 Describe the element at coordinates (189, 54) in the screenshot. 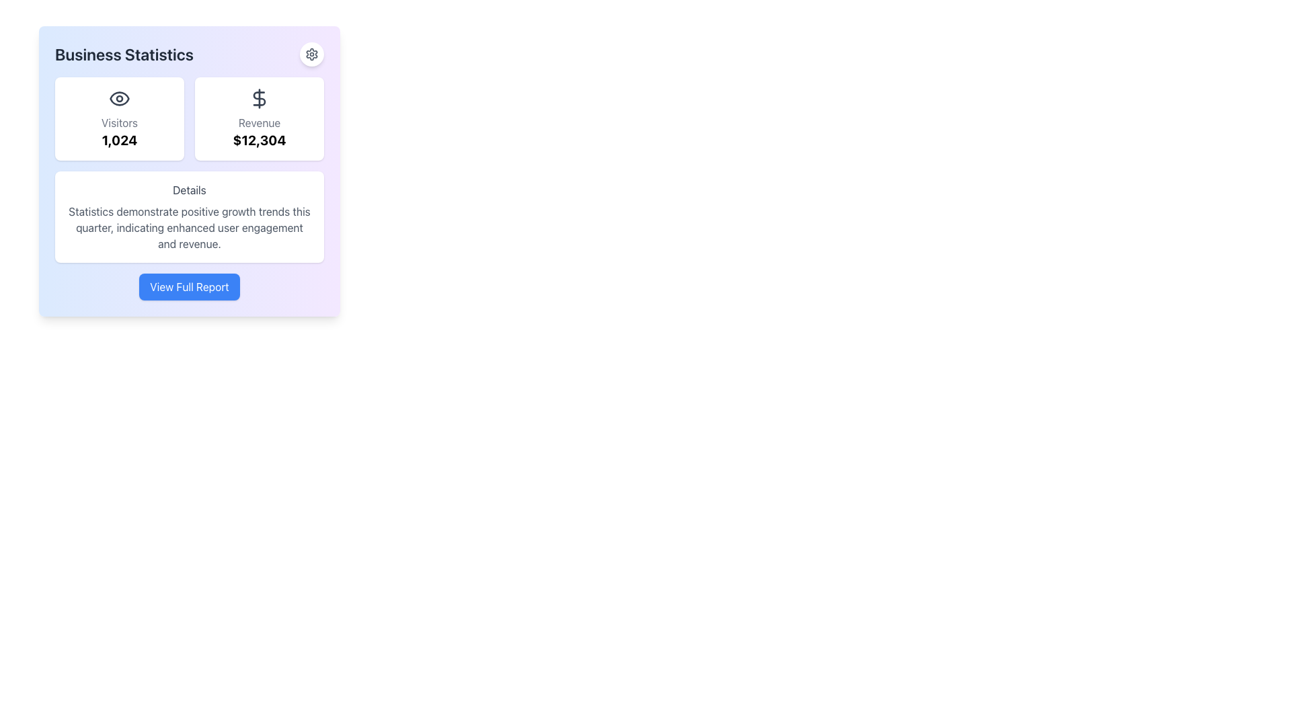

I see `the header text displaying 'Business Statistics' which is located at the top-left of the card layout` at that location.